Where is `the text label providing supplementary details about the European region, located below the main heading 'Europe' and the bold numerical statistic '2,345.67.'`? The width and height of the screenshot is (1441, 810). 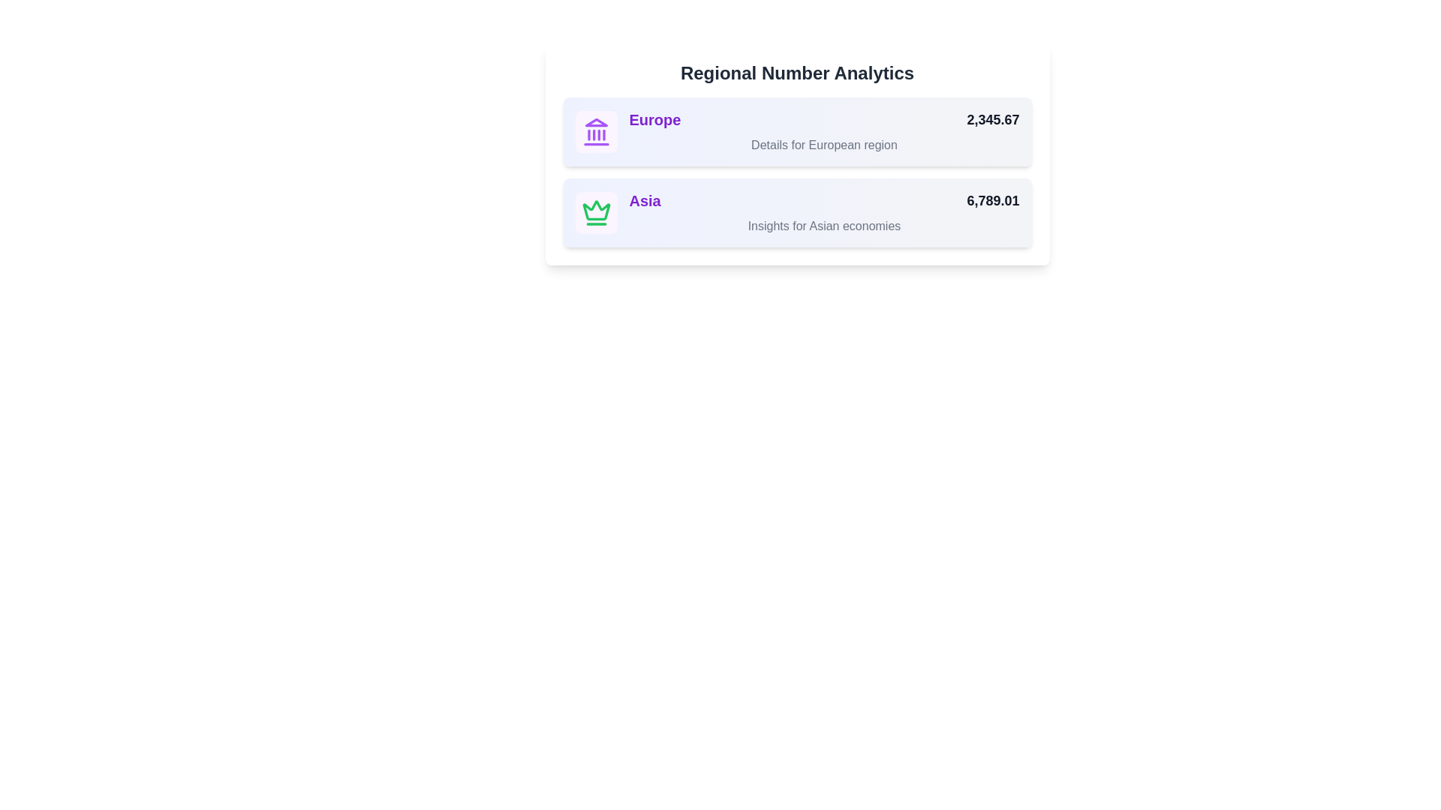
the text label providing supplementary details about the European region, located below the main heading 'Europe' and the bold numerical statistic '2,345.67.' is located at coordinates (823, 145).